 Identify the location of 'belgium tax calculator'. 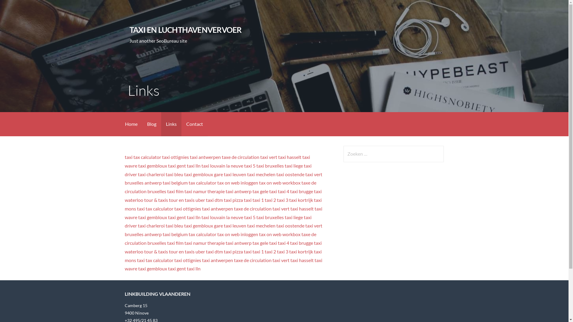
(194, 182).